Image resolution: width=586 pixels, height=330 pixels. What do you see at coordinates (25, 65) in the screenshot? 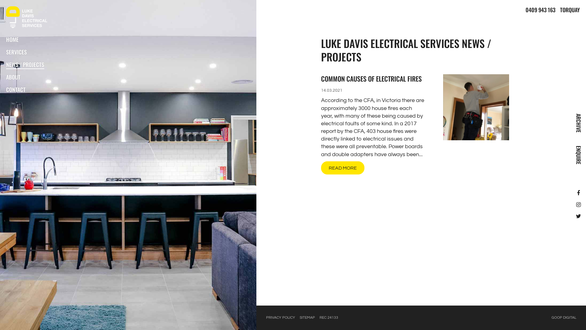
I see `'NEWS / PROJECTS'` at bounding box center [25, 65].